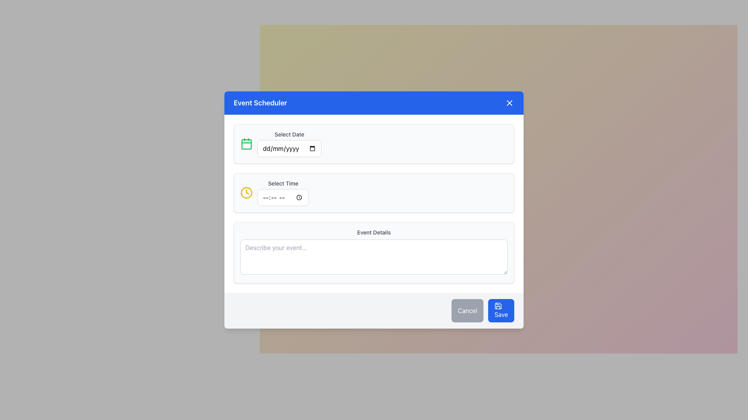 The image size is (748, 420). Describe the element at coordinates (282, 192) in the screenshot. I see `a time from the dropdown or clock interface of the Time Input Widget labeled 'Select Time', located in the central portion of the interface` at that location.